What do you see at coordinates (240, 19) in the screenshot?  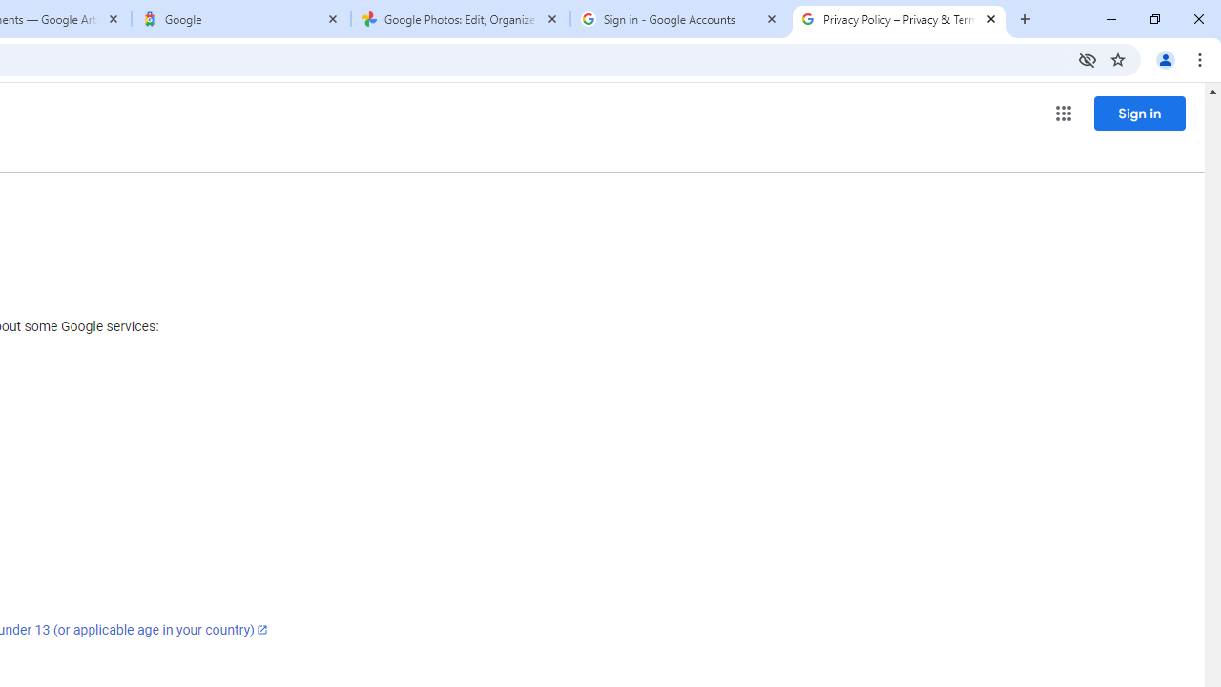 I see `'Google'` at bounding box center [240, 19].